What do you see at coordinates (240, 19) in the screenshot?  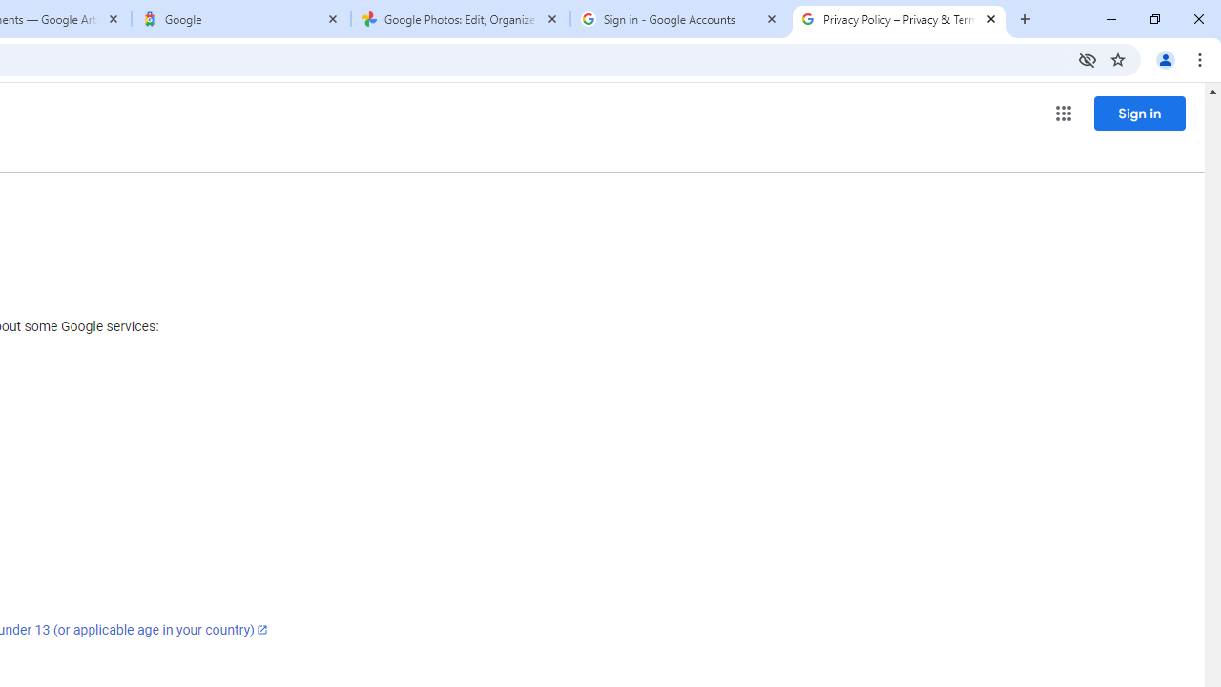 I see `'Google'` at bounding box center [240, 19].